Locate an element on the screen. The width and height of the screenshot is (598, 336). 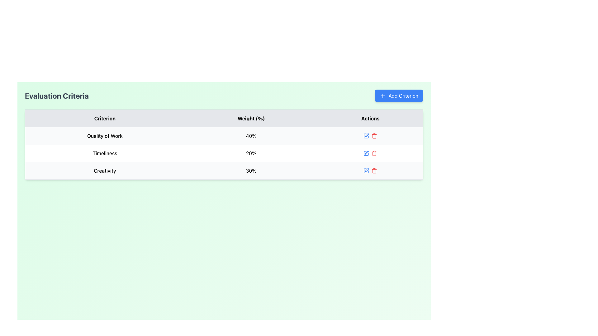
the edit icon represented by a blue pen in the 'Actions' column of the second row in the table is located at coordinates (366, 153).